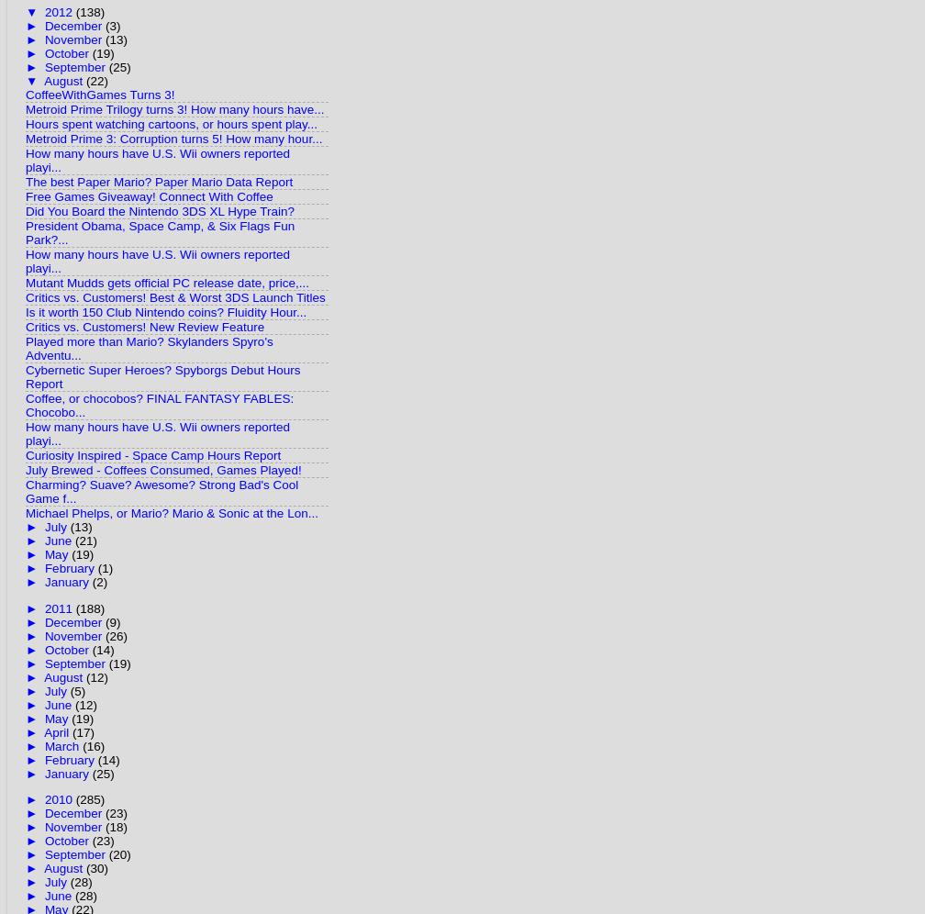 Image resolution: width=925 pixels, height=914 pixels. Describe the element at coordinates (85, 541) in the screenshot. I see `'(21)'` at that location.